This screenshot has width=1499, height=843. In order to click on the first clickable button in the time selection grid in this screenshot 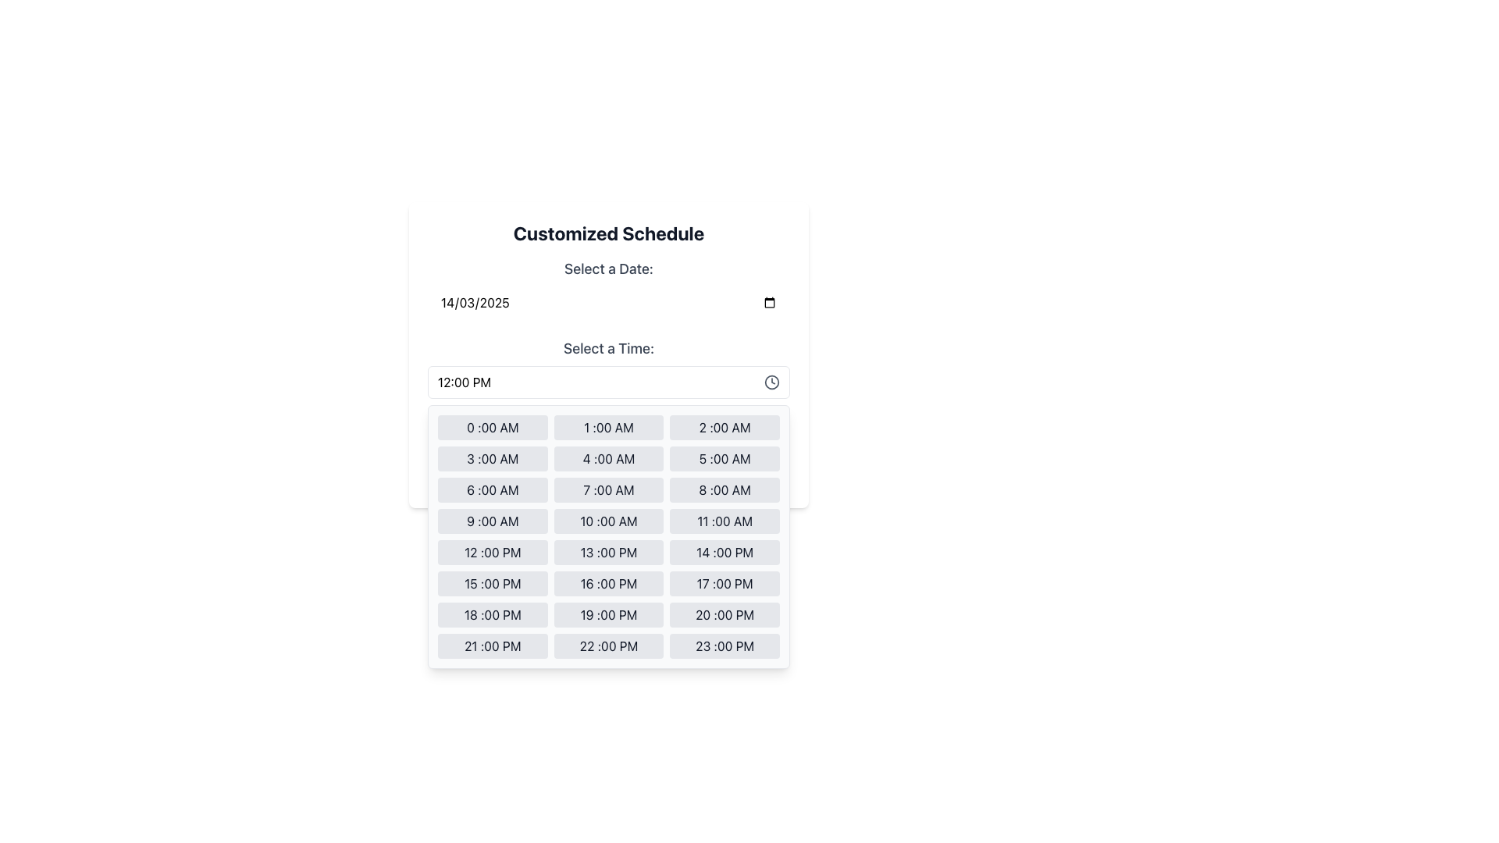, I will do `click(492, 427)`.